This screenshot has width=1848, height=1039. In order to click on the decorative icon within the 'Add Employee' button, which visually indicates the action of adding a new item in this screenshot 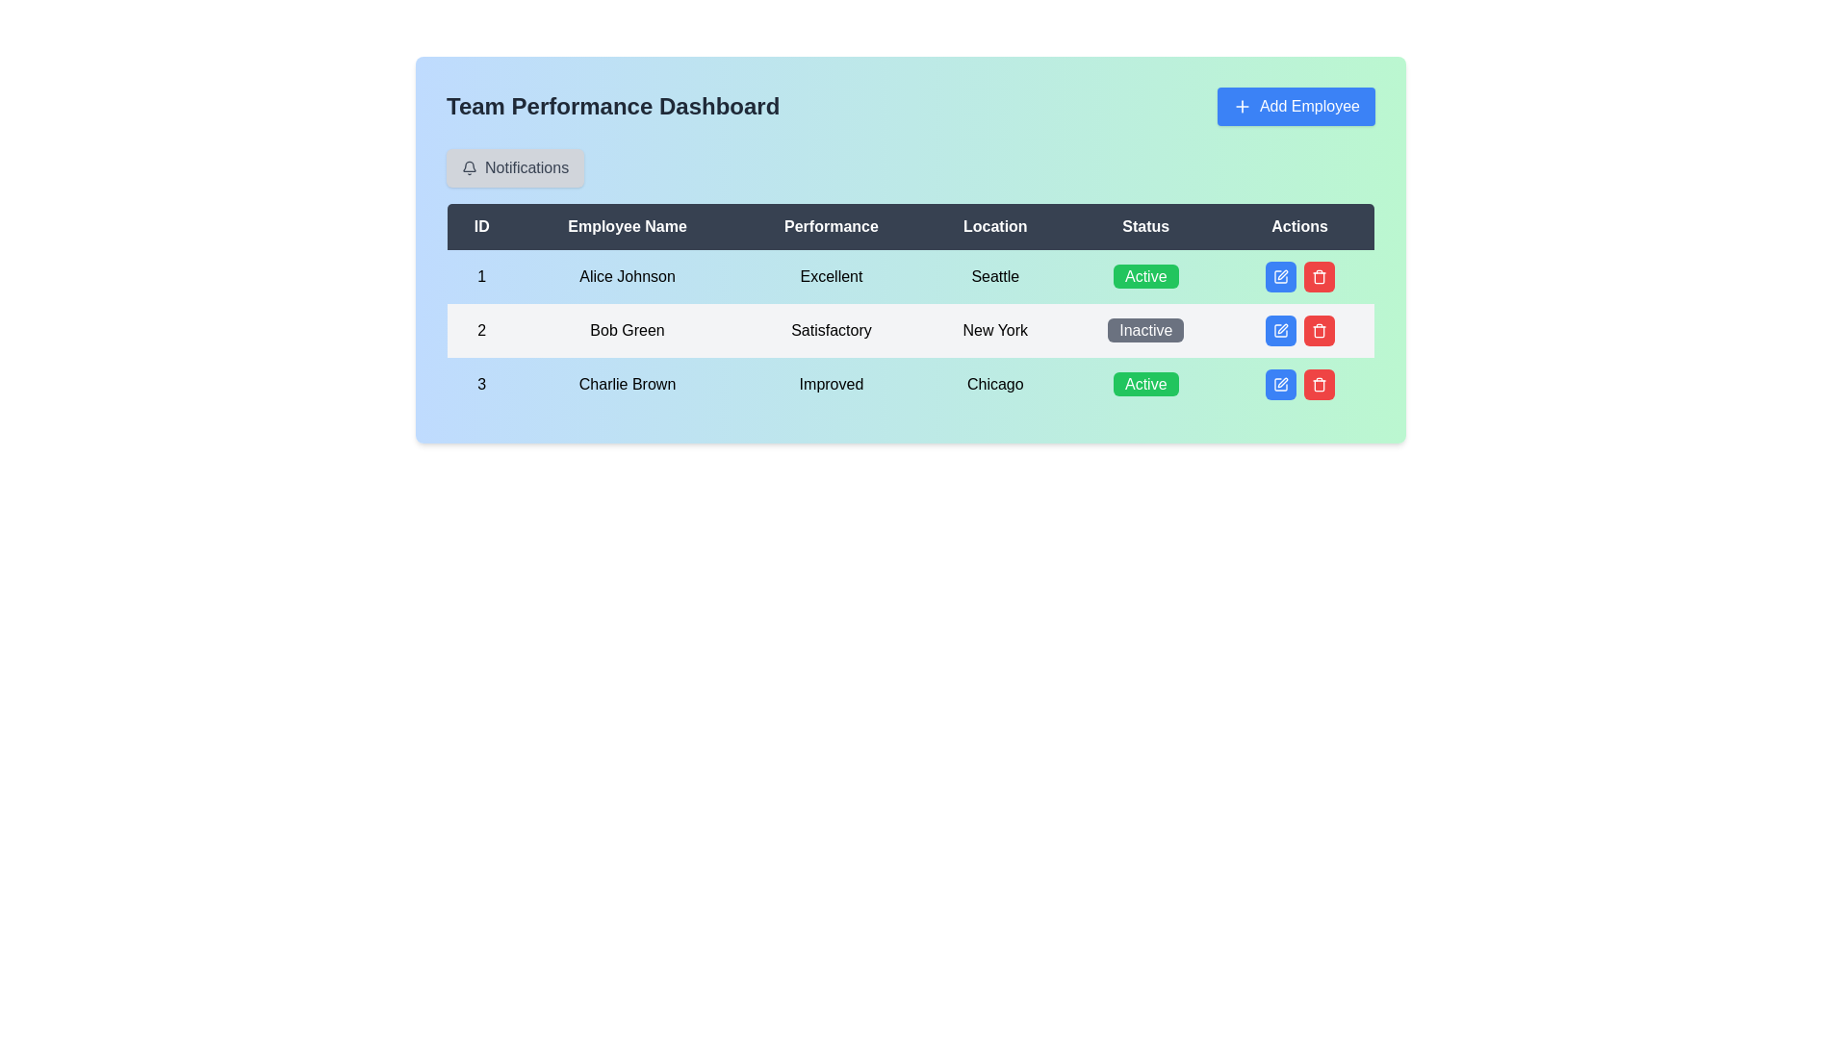, I will do `click(1243, 107)`.